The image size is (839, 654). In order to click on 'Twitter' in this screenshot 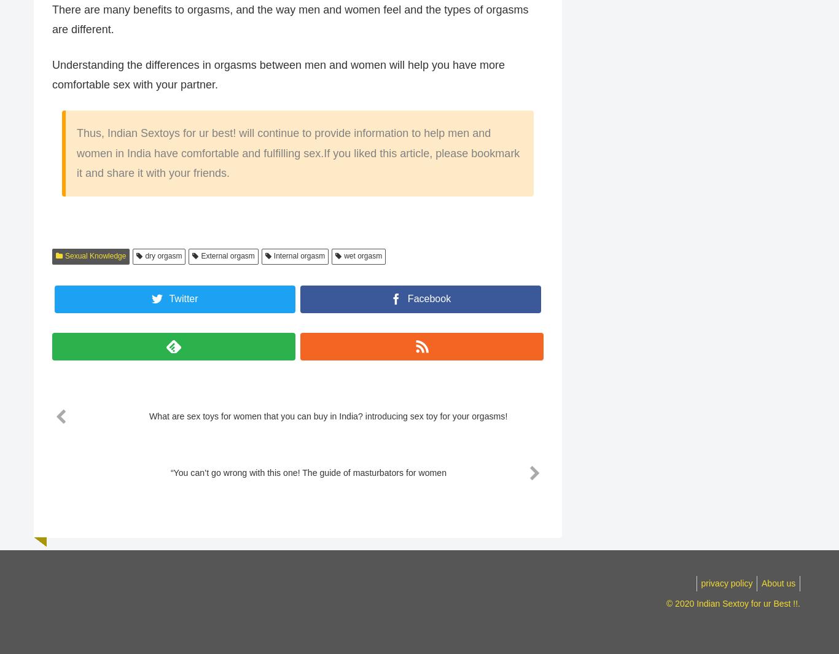, I will do `click(183, 298)`.